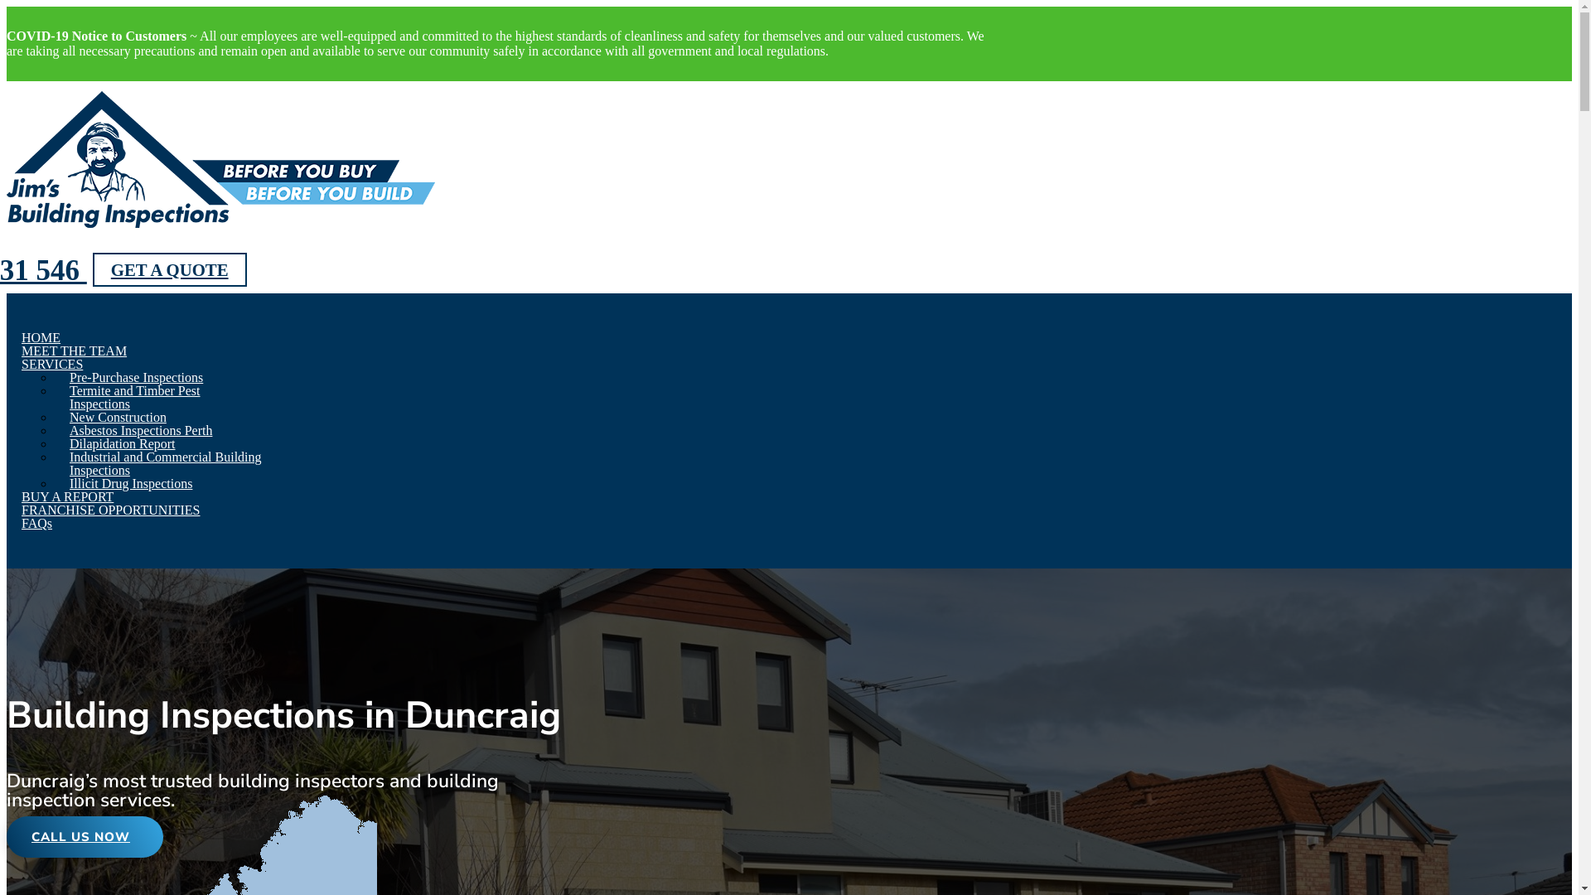  Describe the element at coordinates (21, 509) in the screenshot. I see `'FRANCHISE OPPORTUNITIES'` at that location.